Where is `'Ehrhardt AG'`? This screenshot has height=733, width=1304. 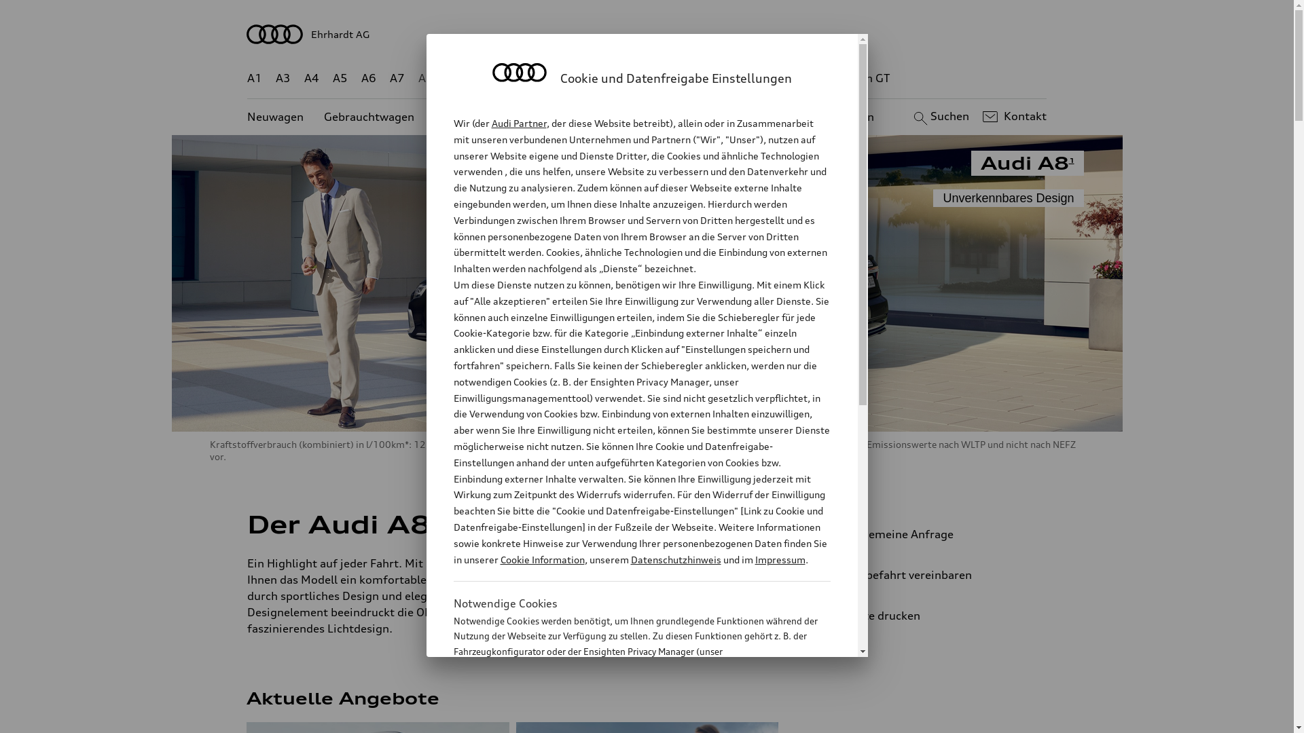 'Ehrhardt AG' is located at coordinates (647, 33).